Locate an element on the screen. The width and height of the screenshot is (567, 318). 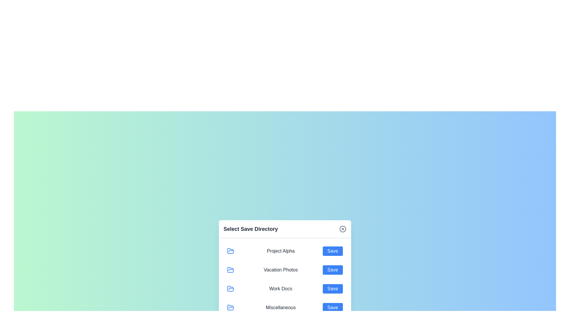
'Save' button for the directory Work Docs is located at coordinates (333, 288).